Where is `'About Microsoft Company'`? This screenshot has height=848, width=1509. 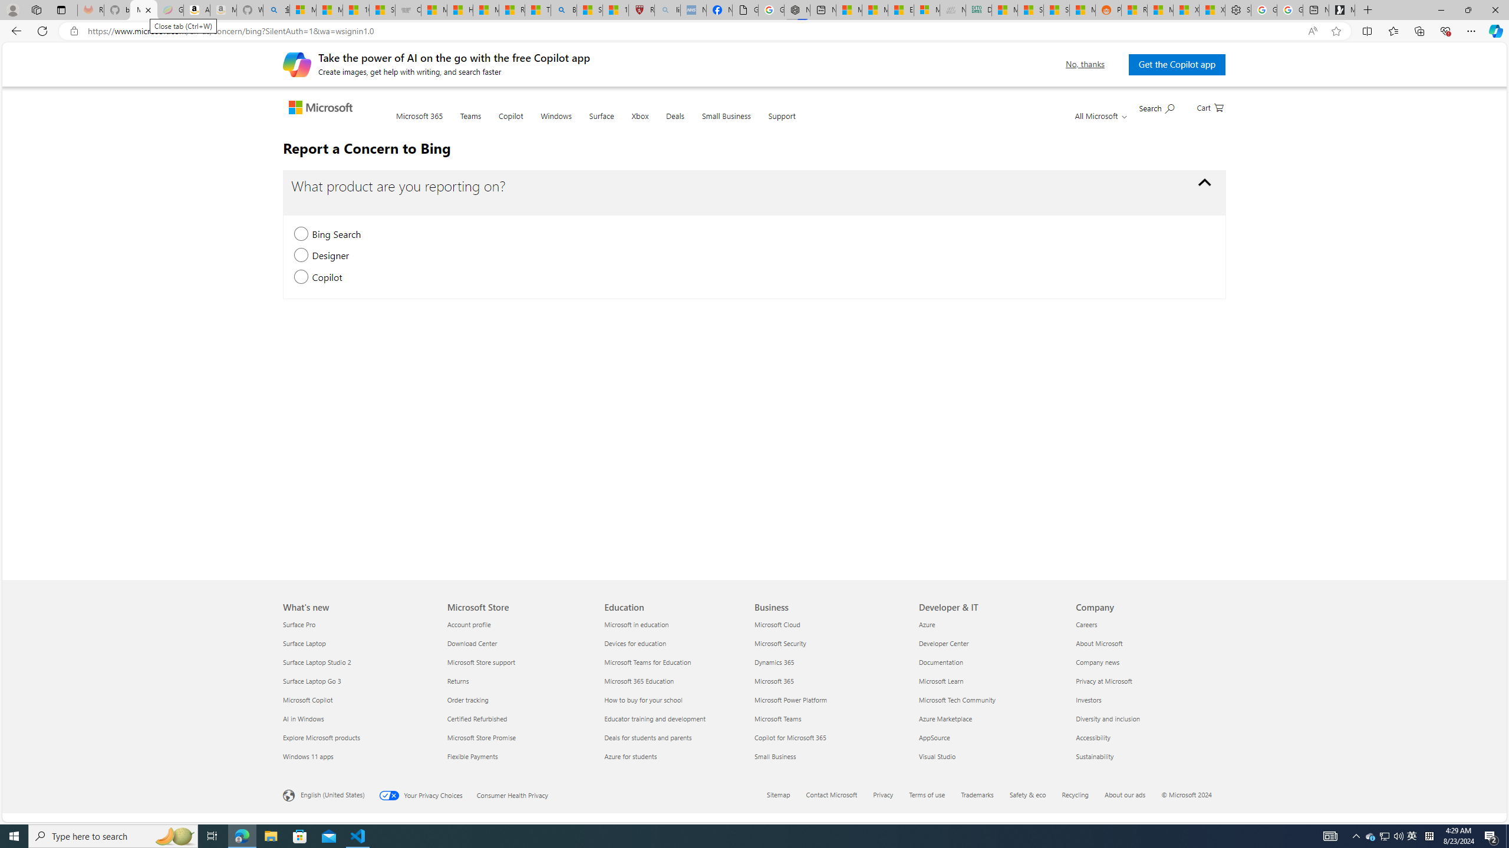 'About Microsoft Company' is located at coordinates (1098, 642).